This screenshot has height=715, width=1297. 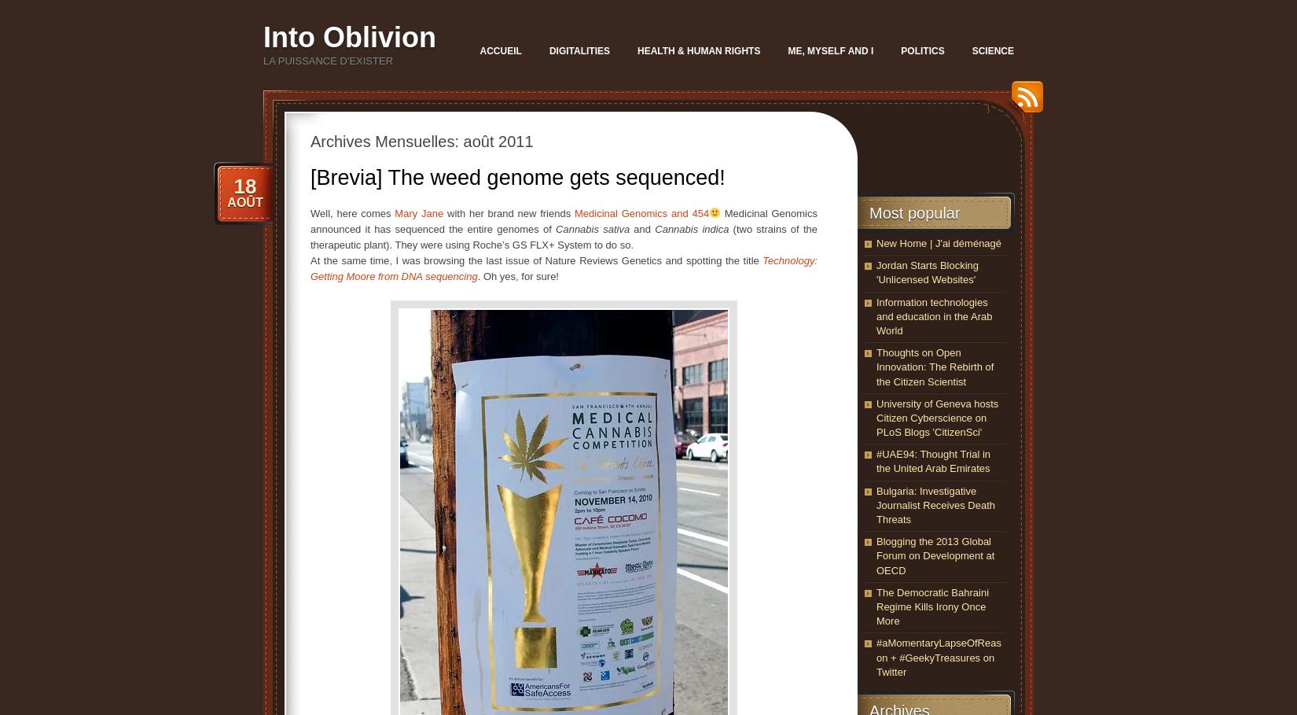 What do you see at coordinates (932, 606) in the screenshot?
I see `'The Democratic Bahraini Regime Kills Irony Once More'` at bounding box center [932, 606].